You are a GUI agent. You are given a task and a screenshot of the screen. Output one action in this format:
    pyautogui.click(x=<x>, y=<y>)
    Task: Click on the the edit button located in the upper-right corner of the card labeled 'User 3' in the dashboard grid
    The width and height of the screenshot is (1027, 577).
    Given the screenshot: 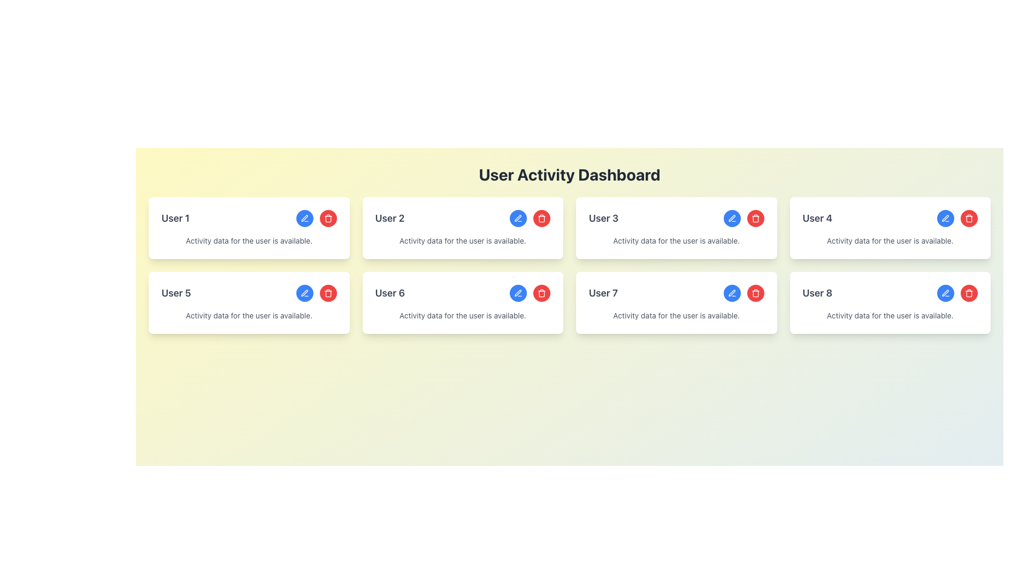 What is the action you would take?
    pyautogui.click(x=731, y=217)
    